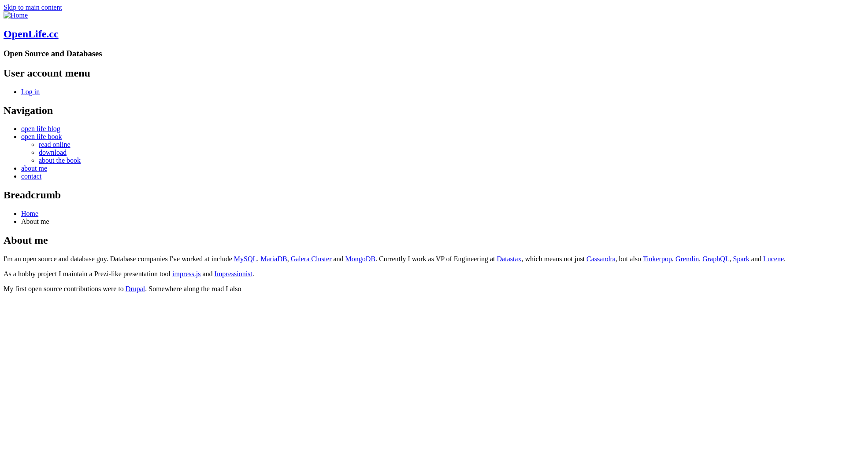 Image resolution: width=846 pixels, height=475 pixels. Describe the element at coordinates (773, 258) in the screenshot. I see `'Lucene'` at that location.